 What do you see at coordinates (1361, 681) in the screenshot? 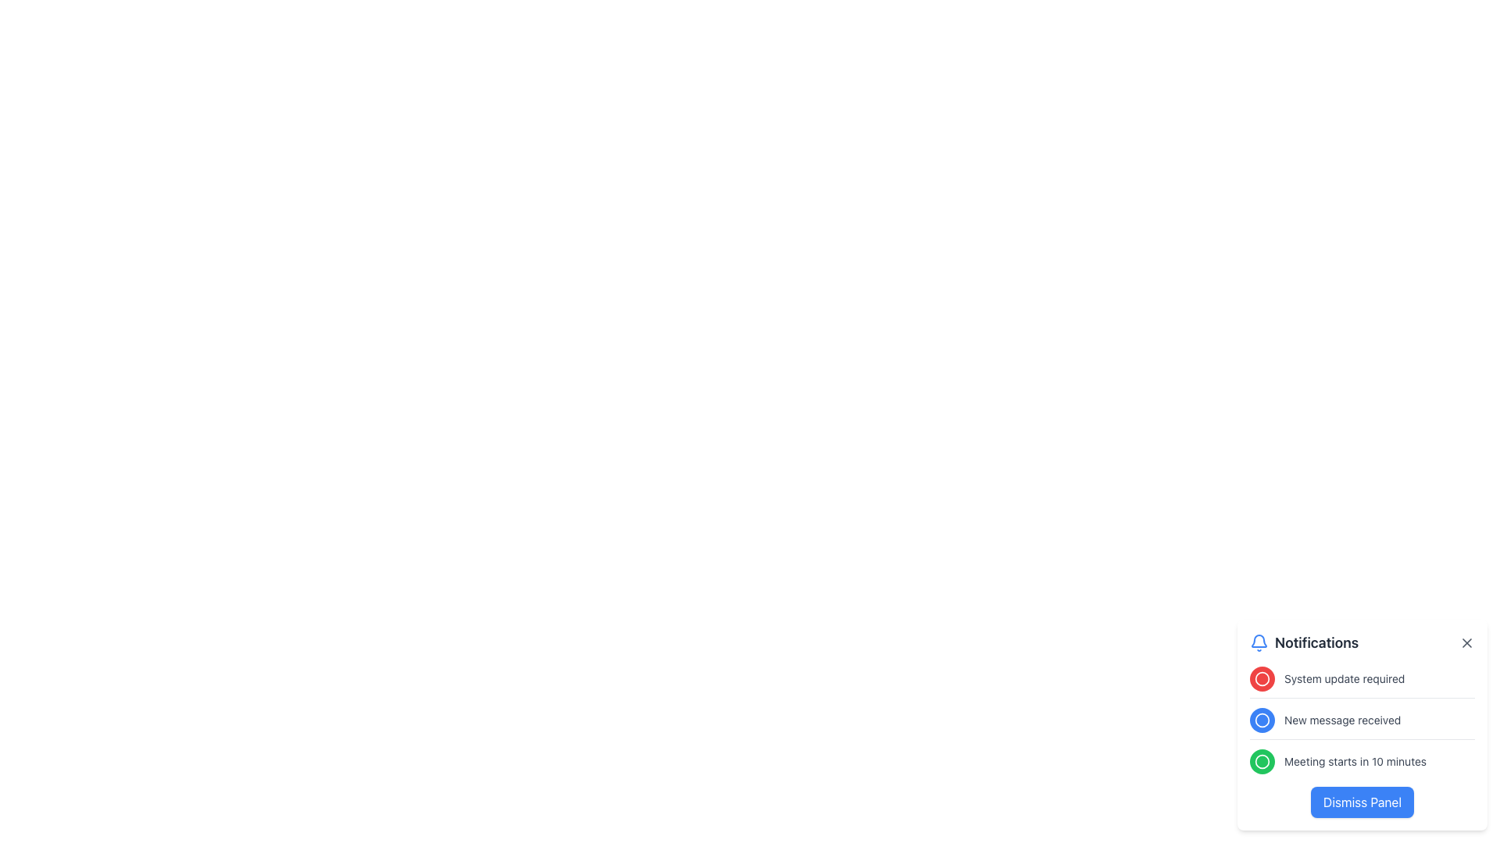
I see `the system update notification, which is the first item in the notification panel located at the top of the vertically stacked list` at bounding box center [1361, 681].